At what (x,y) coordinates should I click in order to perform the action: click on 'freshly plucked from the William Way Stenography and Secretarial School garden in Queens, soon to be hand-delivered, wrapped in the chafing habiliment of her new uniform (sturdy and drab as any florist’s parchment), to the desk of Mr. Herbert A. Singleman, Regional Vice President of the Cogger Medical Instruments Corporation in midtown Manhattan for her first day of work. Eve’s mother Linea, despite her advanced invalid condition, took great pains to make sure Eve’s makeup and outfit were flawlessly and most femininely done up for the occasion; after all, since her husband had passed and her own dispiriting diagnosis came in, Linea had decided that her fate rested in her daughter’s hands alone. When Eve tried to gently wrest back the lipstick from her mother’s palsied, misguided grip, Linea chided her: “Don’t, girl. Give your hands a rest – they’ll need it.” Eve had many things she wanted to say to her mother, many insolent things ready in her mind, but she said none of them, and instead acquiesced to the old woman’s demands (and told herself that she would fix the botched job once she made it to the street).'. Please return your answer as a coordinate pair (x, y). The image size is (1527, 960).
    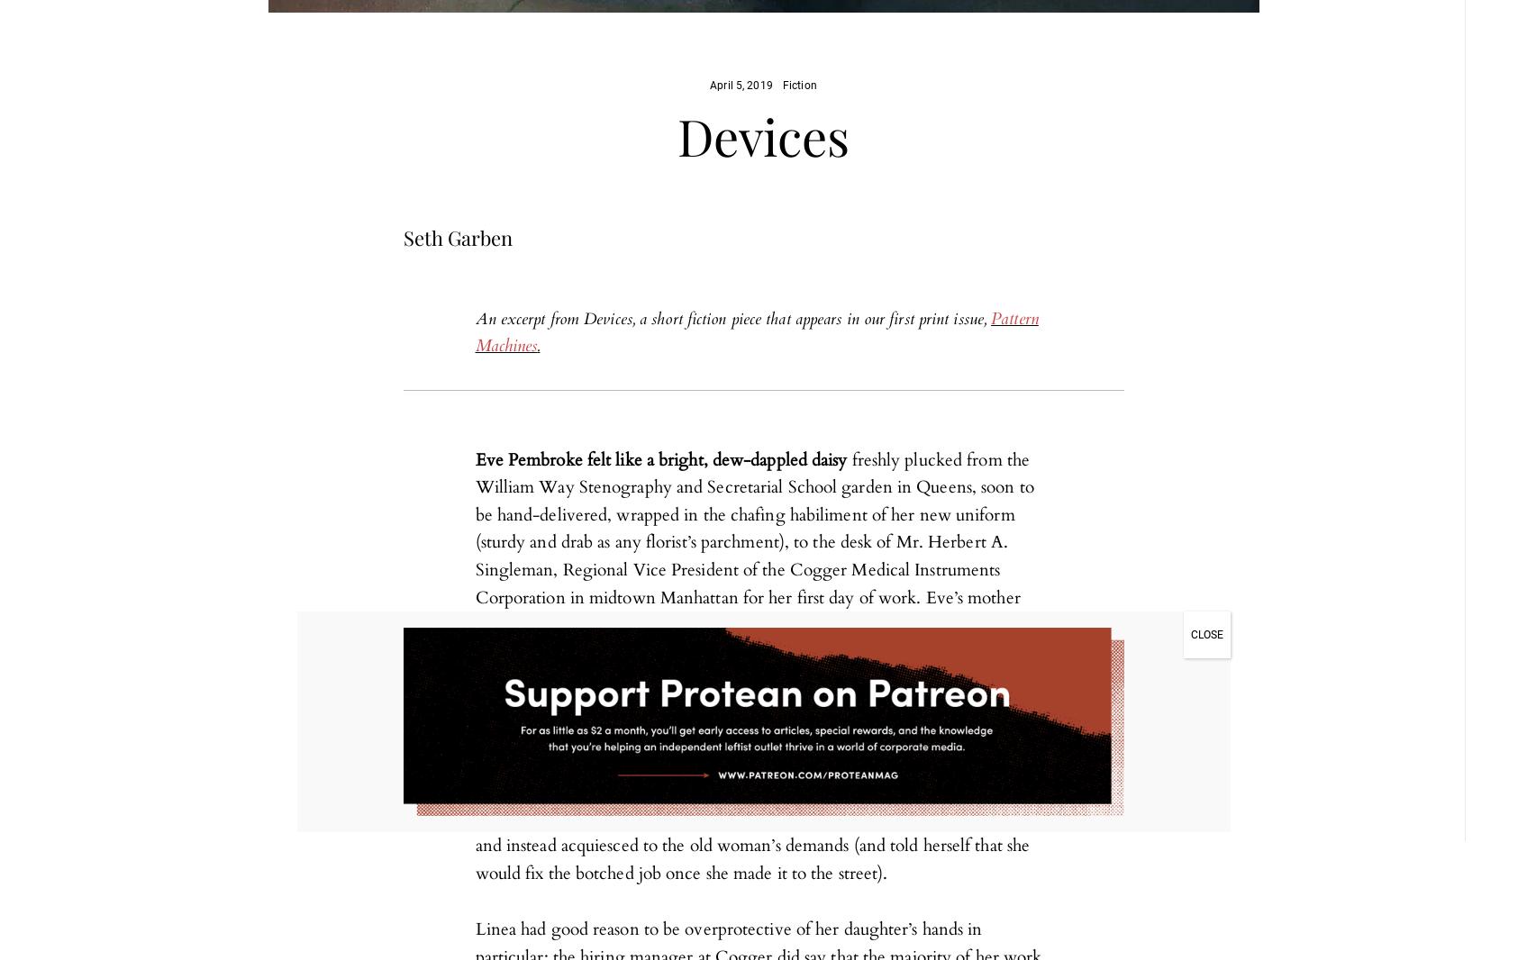
    Looking at the image, I should click on (754, 666).